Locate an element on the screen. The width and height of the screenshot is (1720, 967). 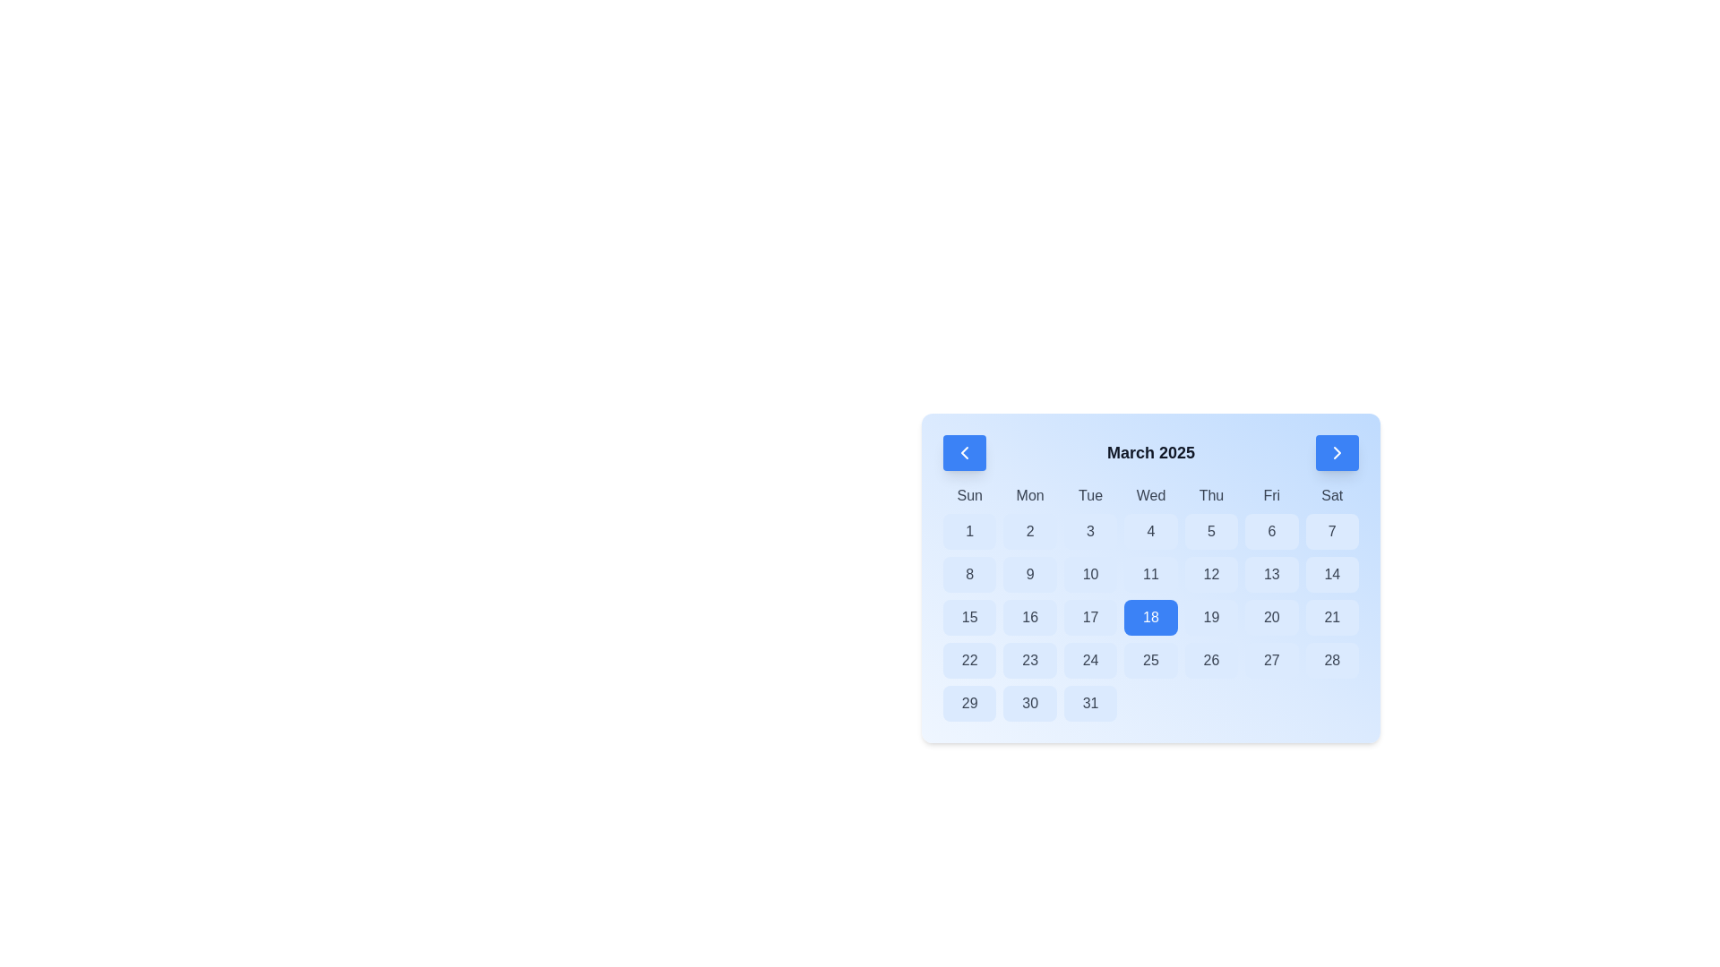
the Date selection button labeled '19' is located at coordinates (1211, 617).